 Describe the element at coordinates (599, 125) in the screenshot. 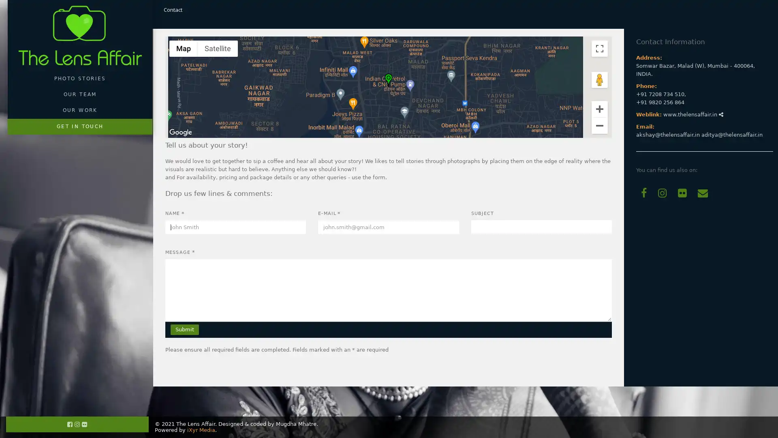

I see `Zoom out` at that location.